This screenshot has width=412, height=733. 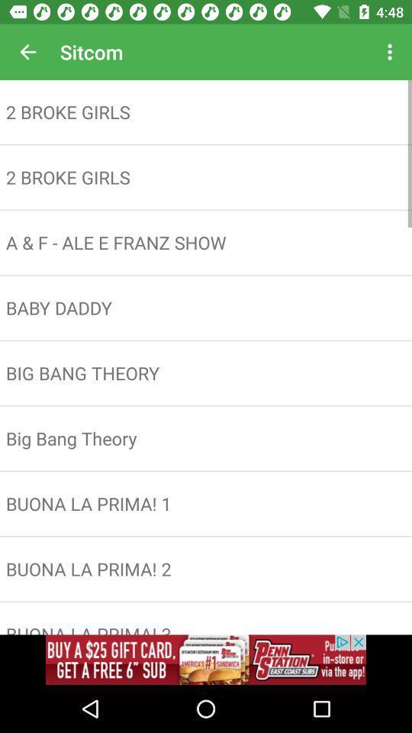 I want to click on advertisement, so click(x=206, y=659).